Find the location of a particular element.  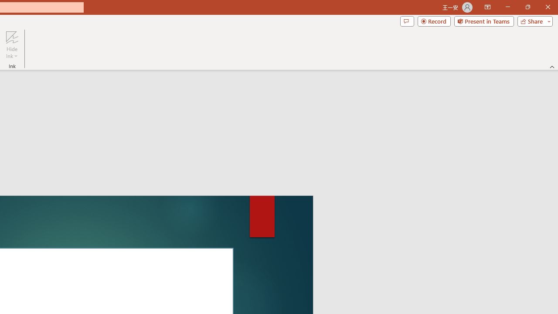

'Share' is located at coordinates (533, 20).